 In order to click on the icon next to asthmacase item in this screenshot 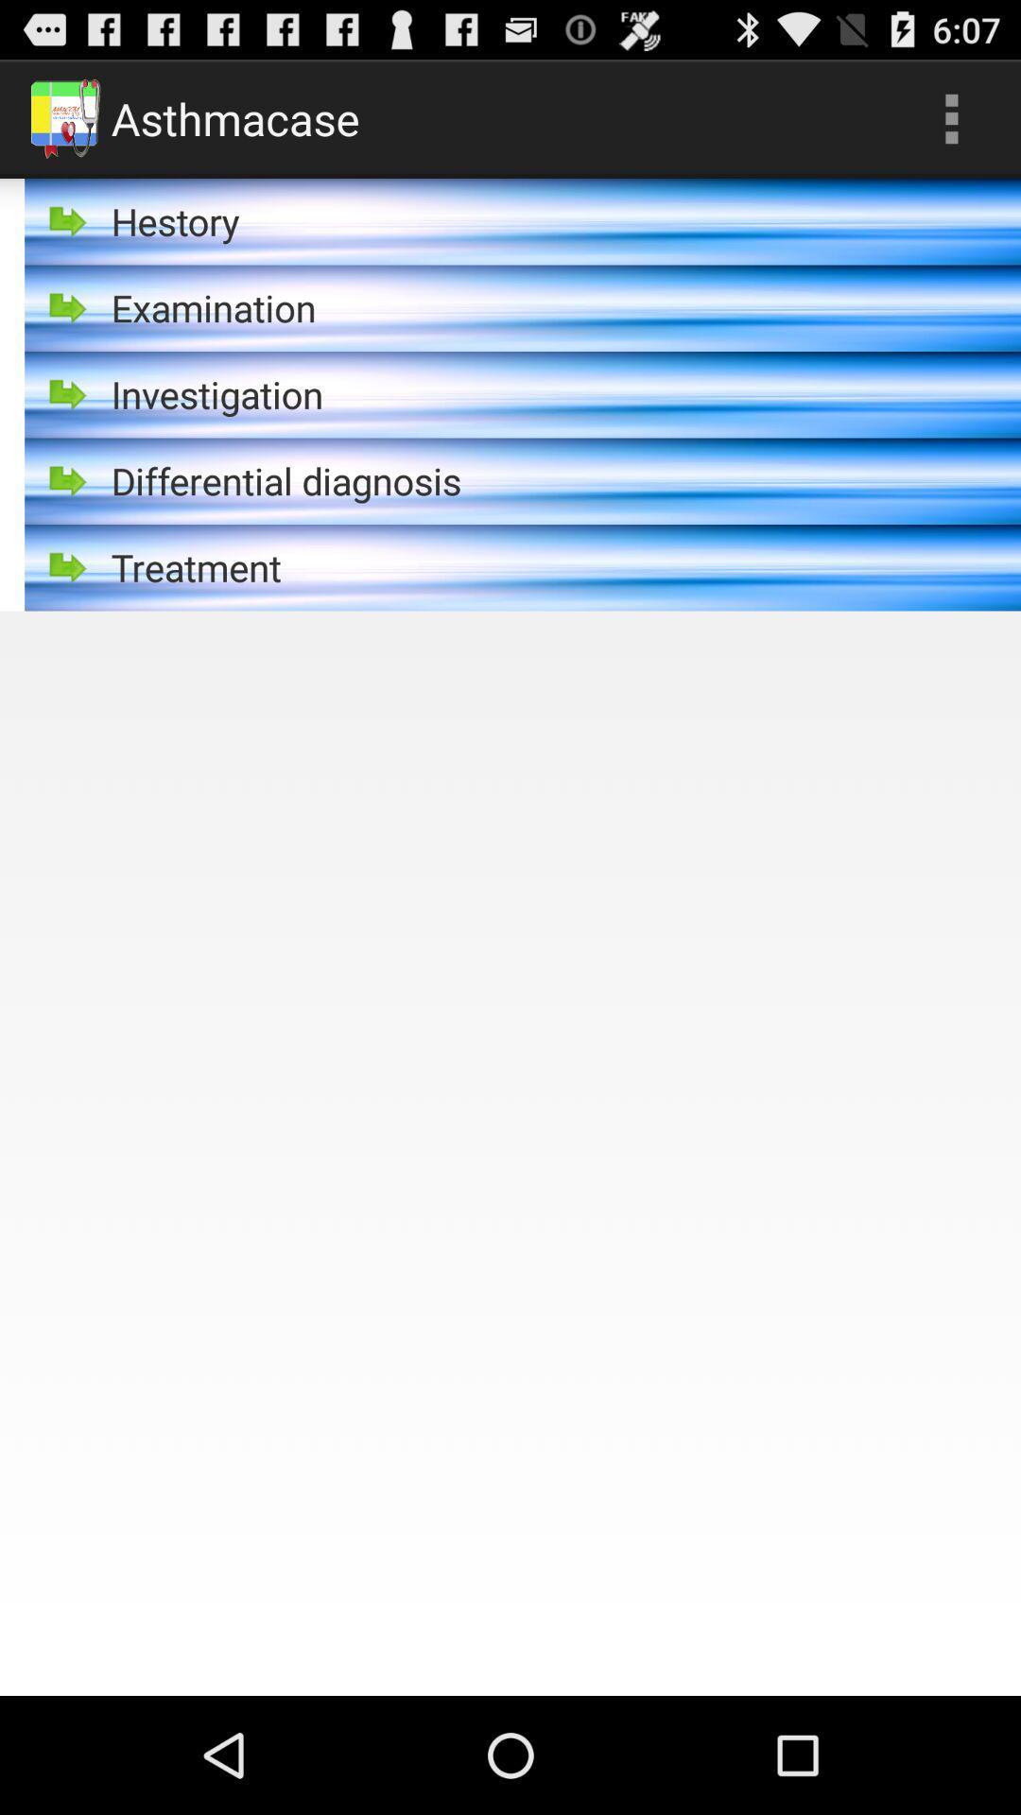, I will do `click(951, 117)`.